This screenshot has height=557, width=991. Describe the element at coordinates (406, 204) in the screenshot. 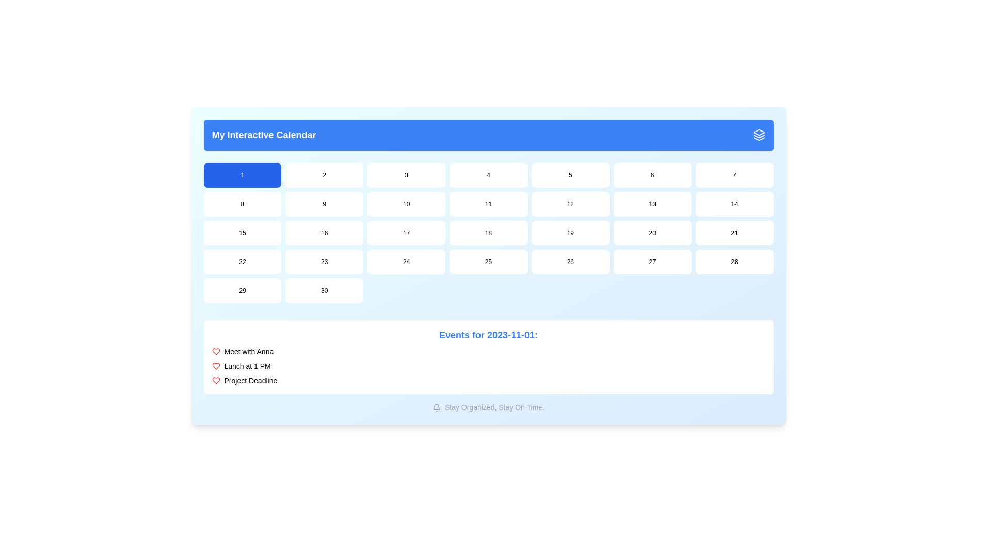

I see `the calendar button labeled '10'` at that location.